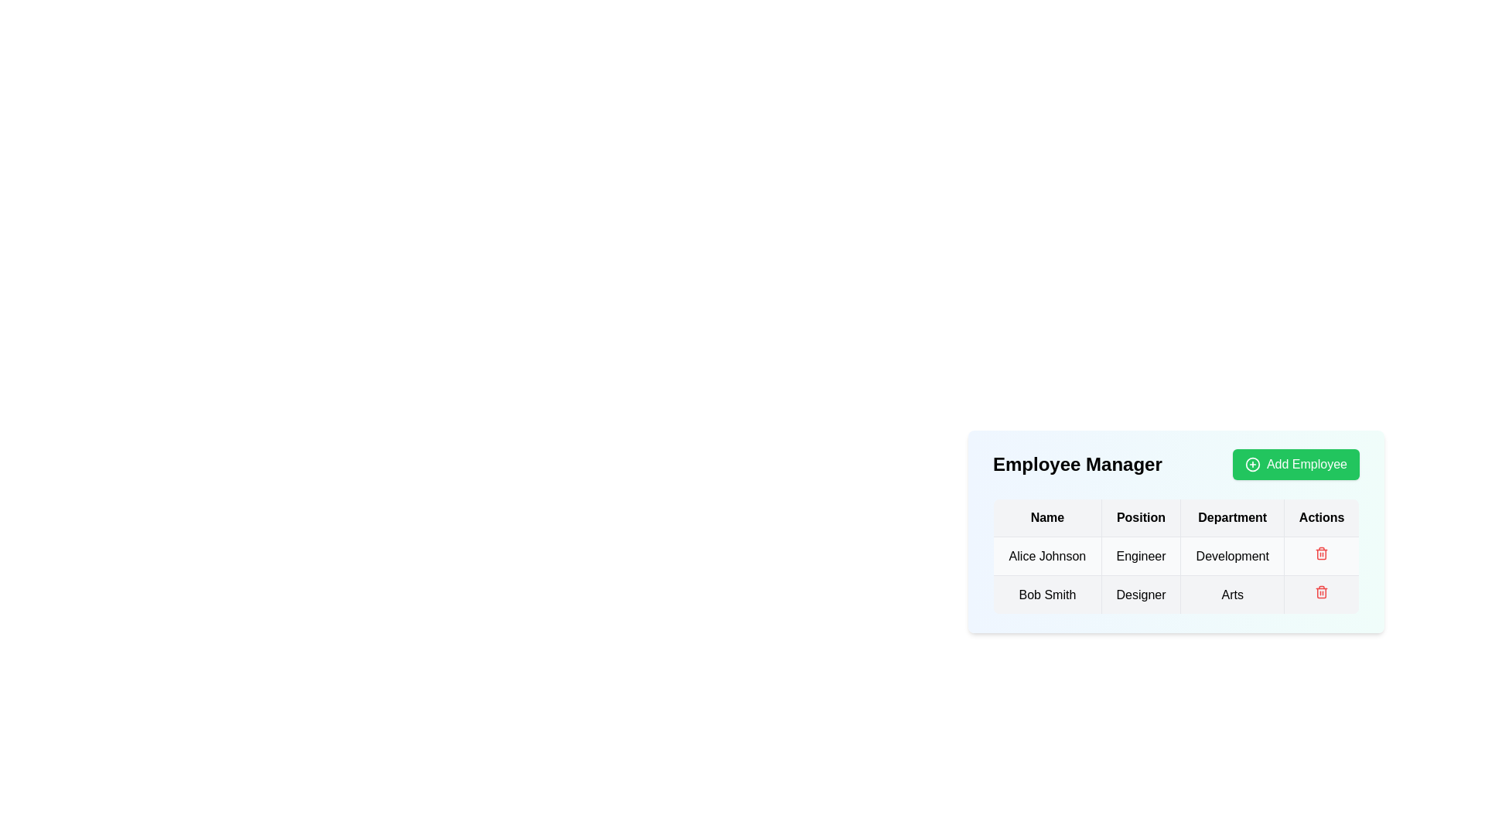 The height and width of the screenshot is (835, 1485). Describe the element at coordinates (1252, 464) in the screenshot. I see `the plus circle icon located to the left of the 'Add Employee' text in the top-right corner of the 'Employee Manager' panel` at that location.